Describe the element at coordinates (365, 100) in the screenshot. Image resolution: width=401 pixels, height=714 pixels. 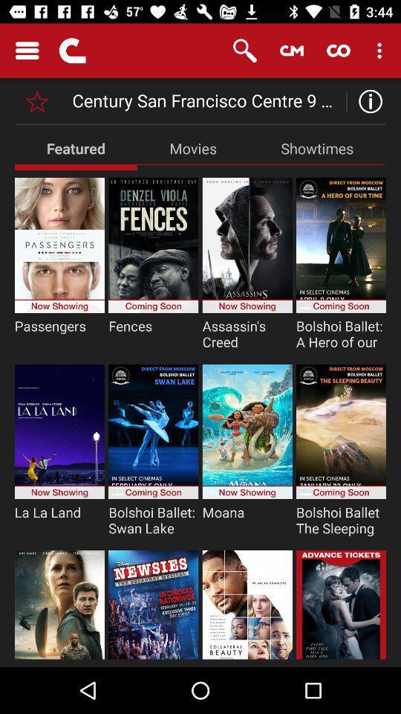
I see `information option` at that location.